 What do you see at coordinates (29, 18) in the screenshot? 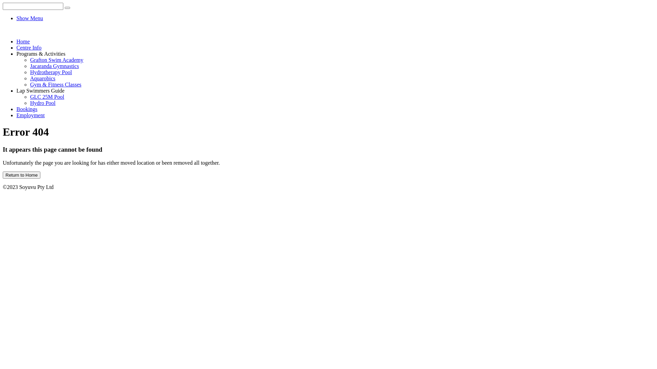
I see `'Show Menu'` at bounding box center [29, 18].